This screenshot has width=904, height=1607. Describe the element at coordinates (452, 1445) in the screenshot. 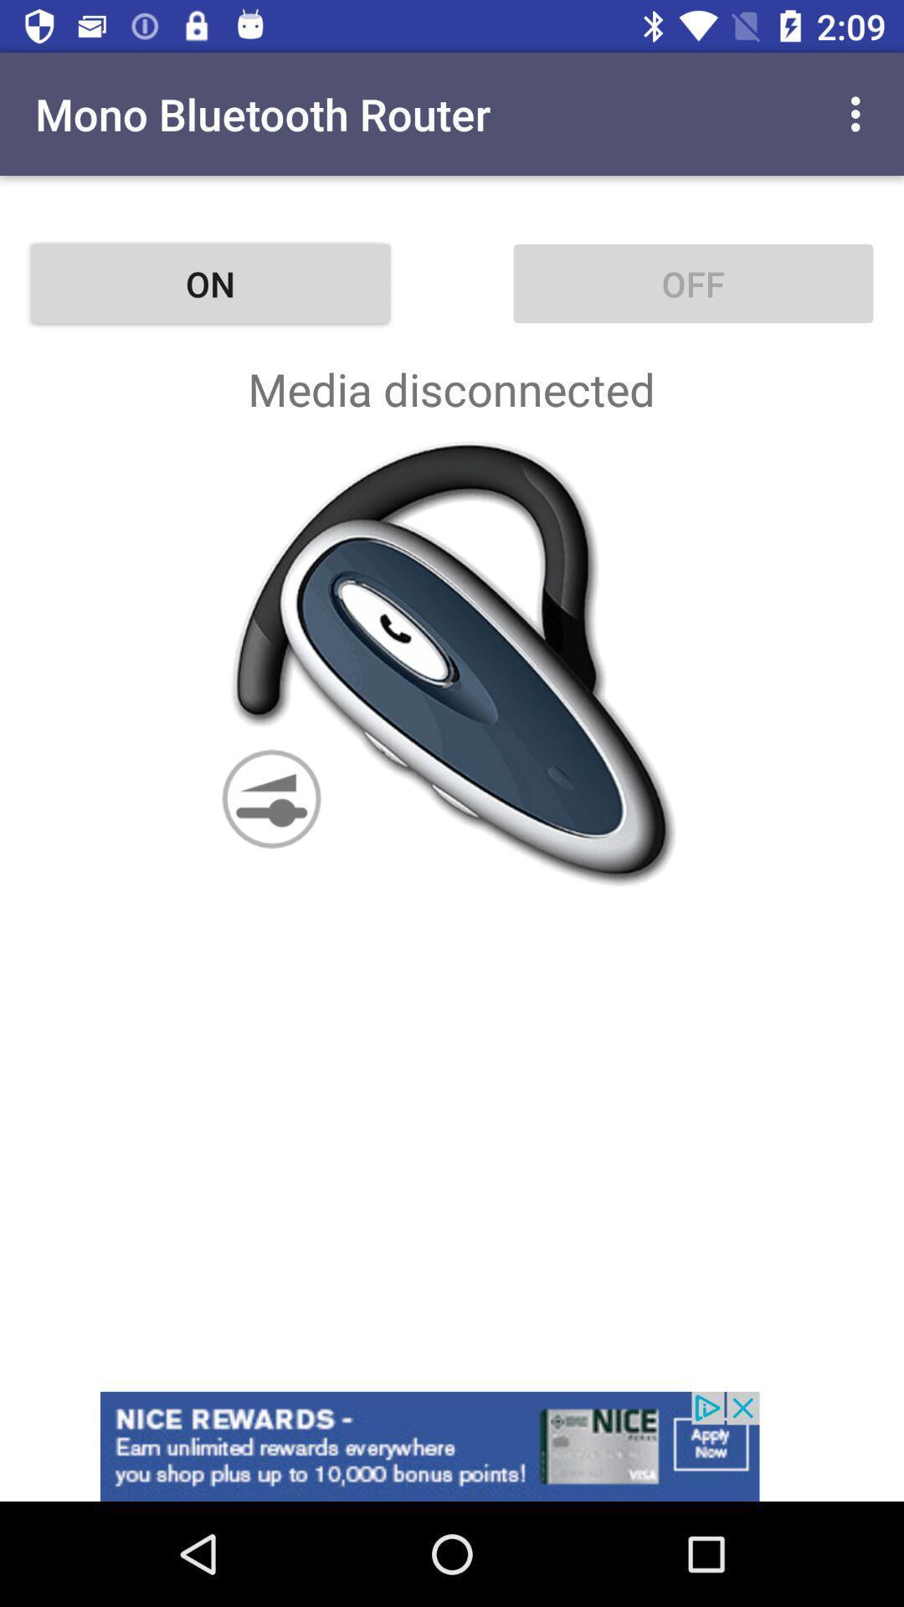

I see `tap to view advertisement` at that location.